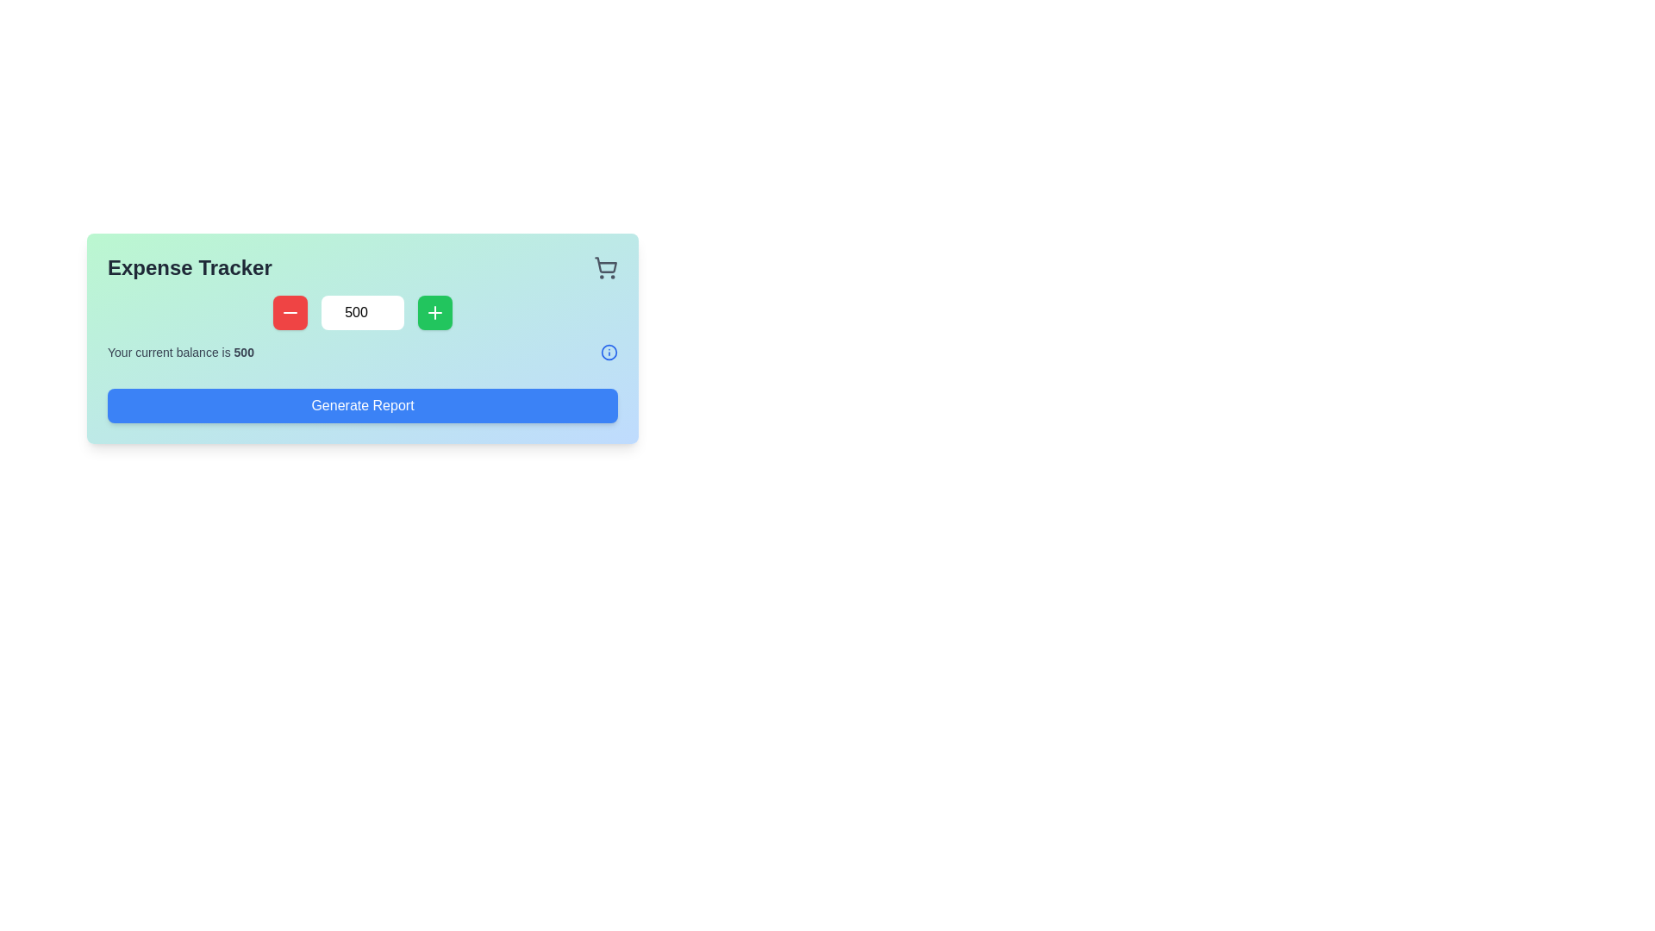 This screenshot has width=1655, height=931. I want to click on the green square button with a white plus sign at its center, so click(434, 312).